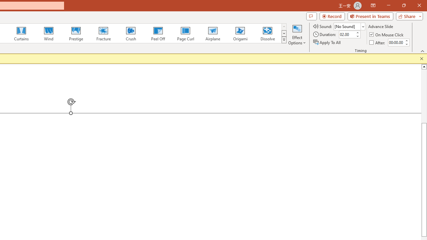  What do you see at coordinates (284, 40) in the screenshot?
I see `'Transition Effects'` at bounding box center [284, 40].